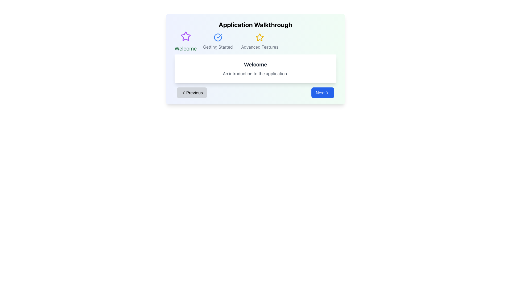 The height and width of the screenshot is (287, 511). Describe the element at coordinates (256, 74) in the screenshot. I see `the descriptive subtitle text located directly below the 'Welcome' heading within the central white card` at that location.